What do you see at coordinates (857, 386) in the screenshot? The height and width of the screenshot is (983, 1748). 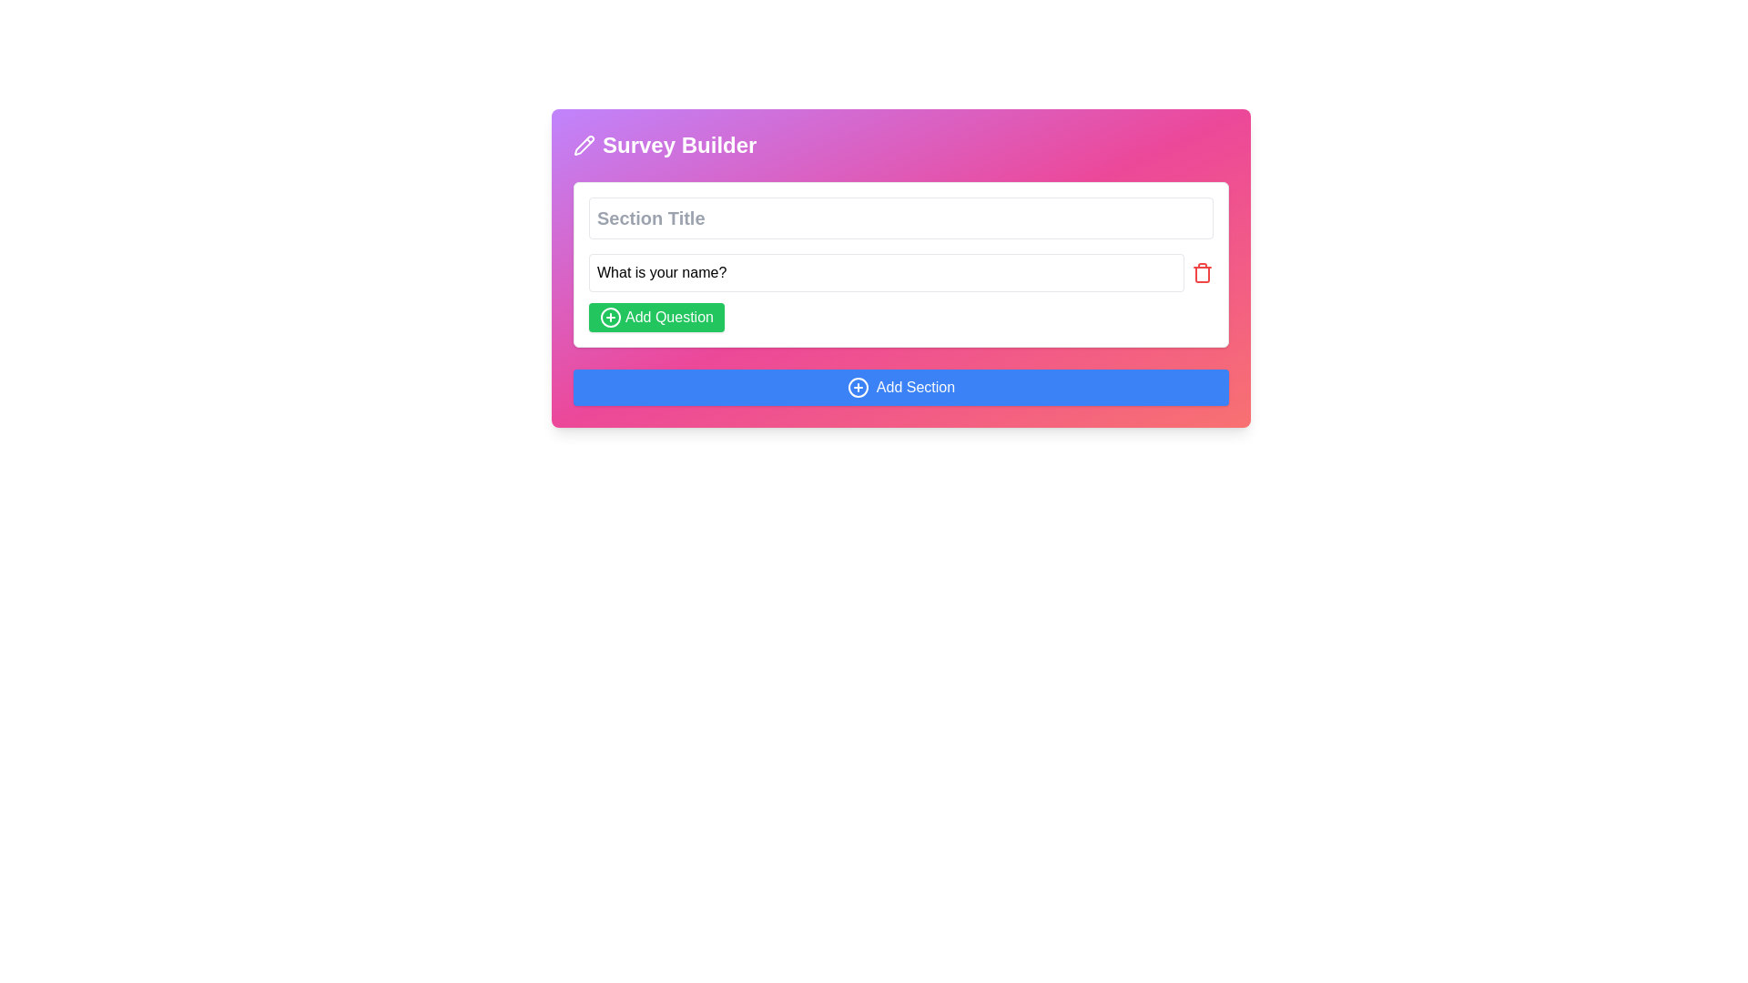 I see `the circular icon with a plus sign at the bottom of the Survey Builder interface` at bounding box center [857, 386].